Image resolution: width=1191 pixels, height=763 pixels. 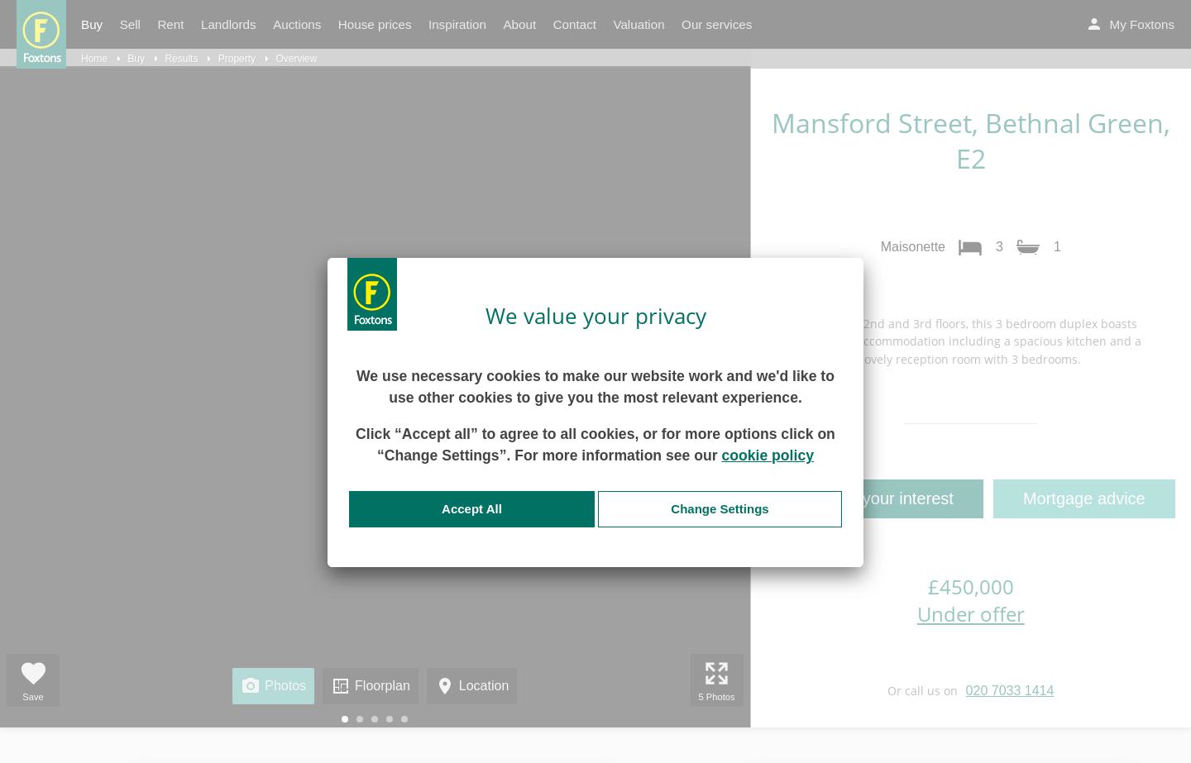 What do you see at coordinates (1141, 24) in the screenshot?
I see `'My Foxtons'` at bounding box center [1141, 24].